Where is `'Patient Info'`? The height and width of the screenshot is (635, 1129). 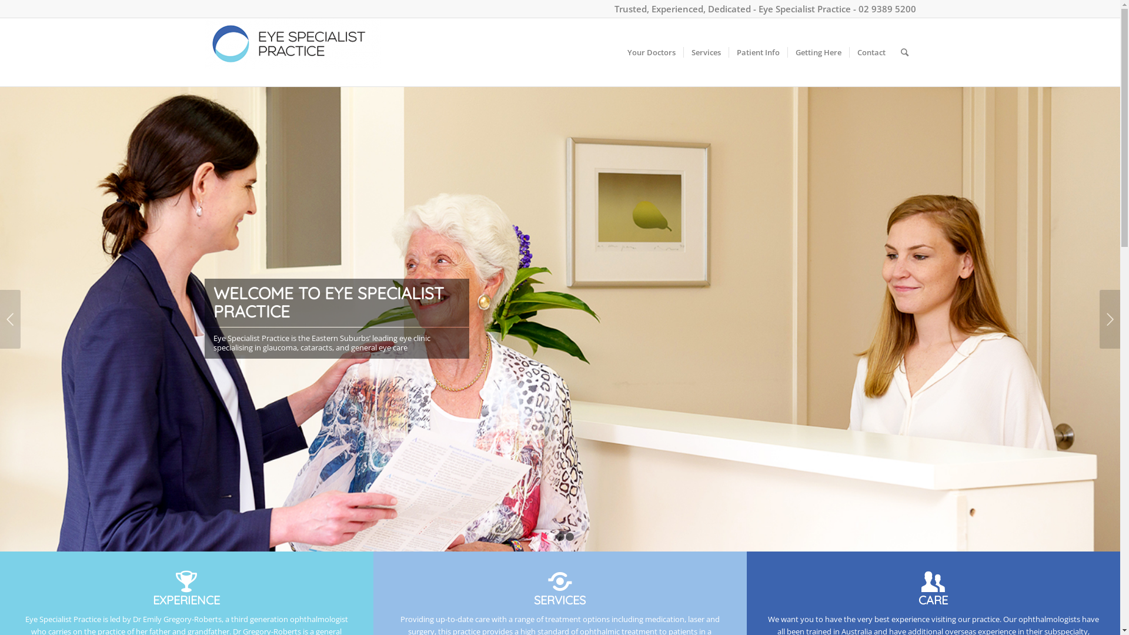 'Patient Info' is located at coordinates (757, 51).